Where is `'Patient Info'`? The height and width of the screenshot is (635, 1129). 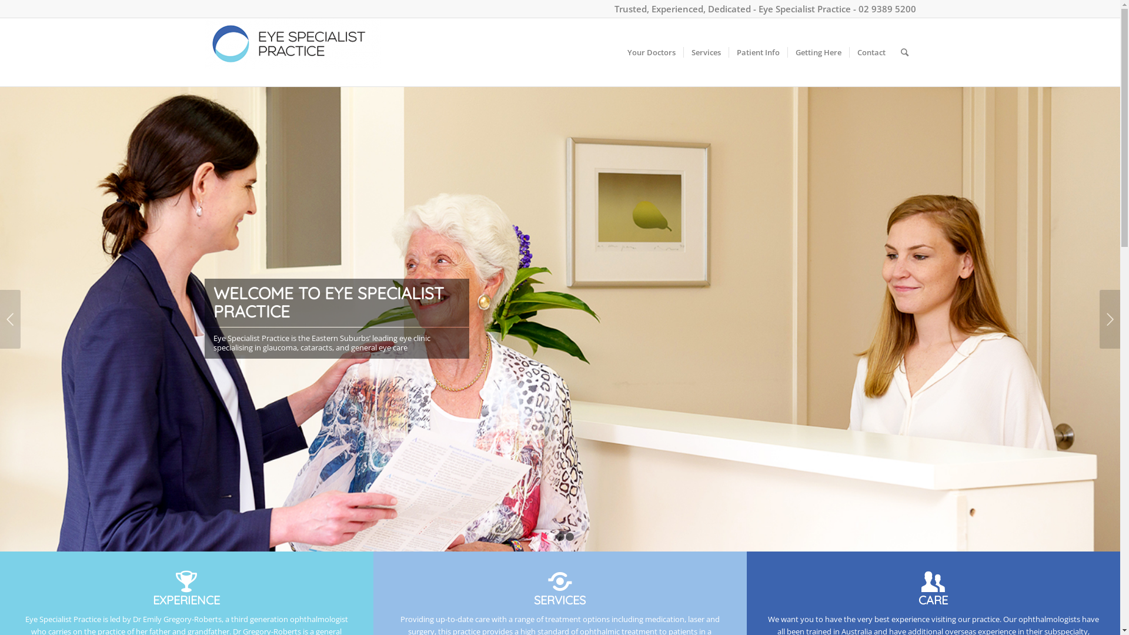 'Patient Info' is located at coordinates (757, 51).